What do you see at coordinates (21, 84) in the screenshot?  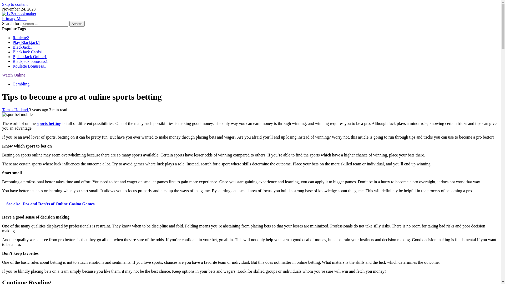 I see `'Gambling'` at bounding box center [21, 84].